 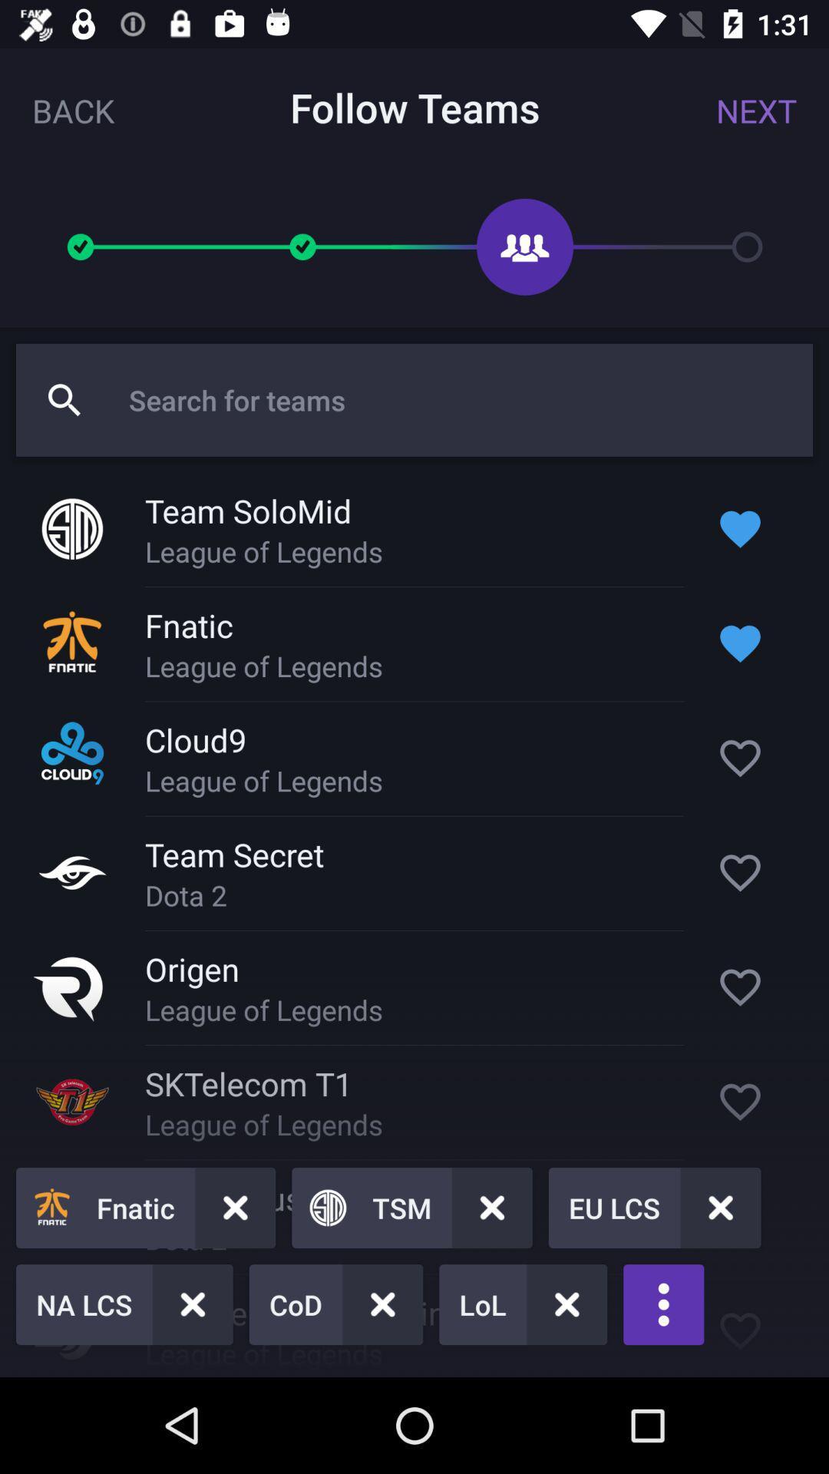 I want to click on the more icon, so click(x=662, y=1304).